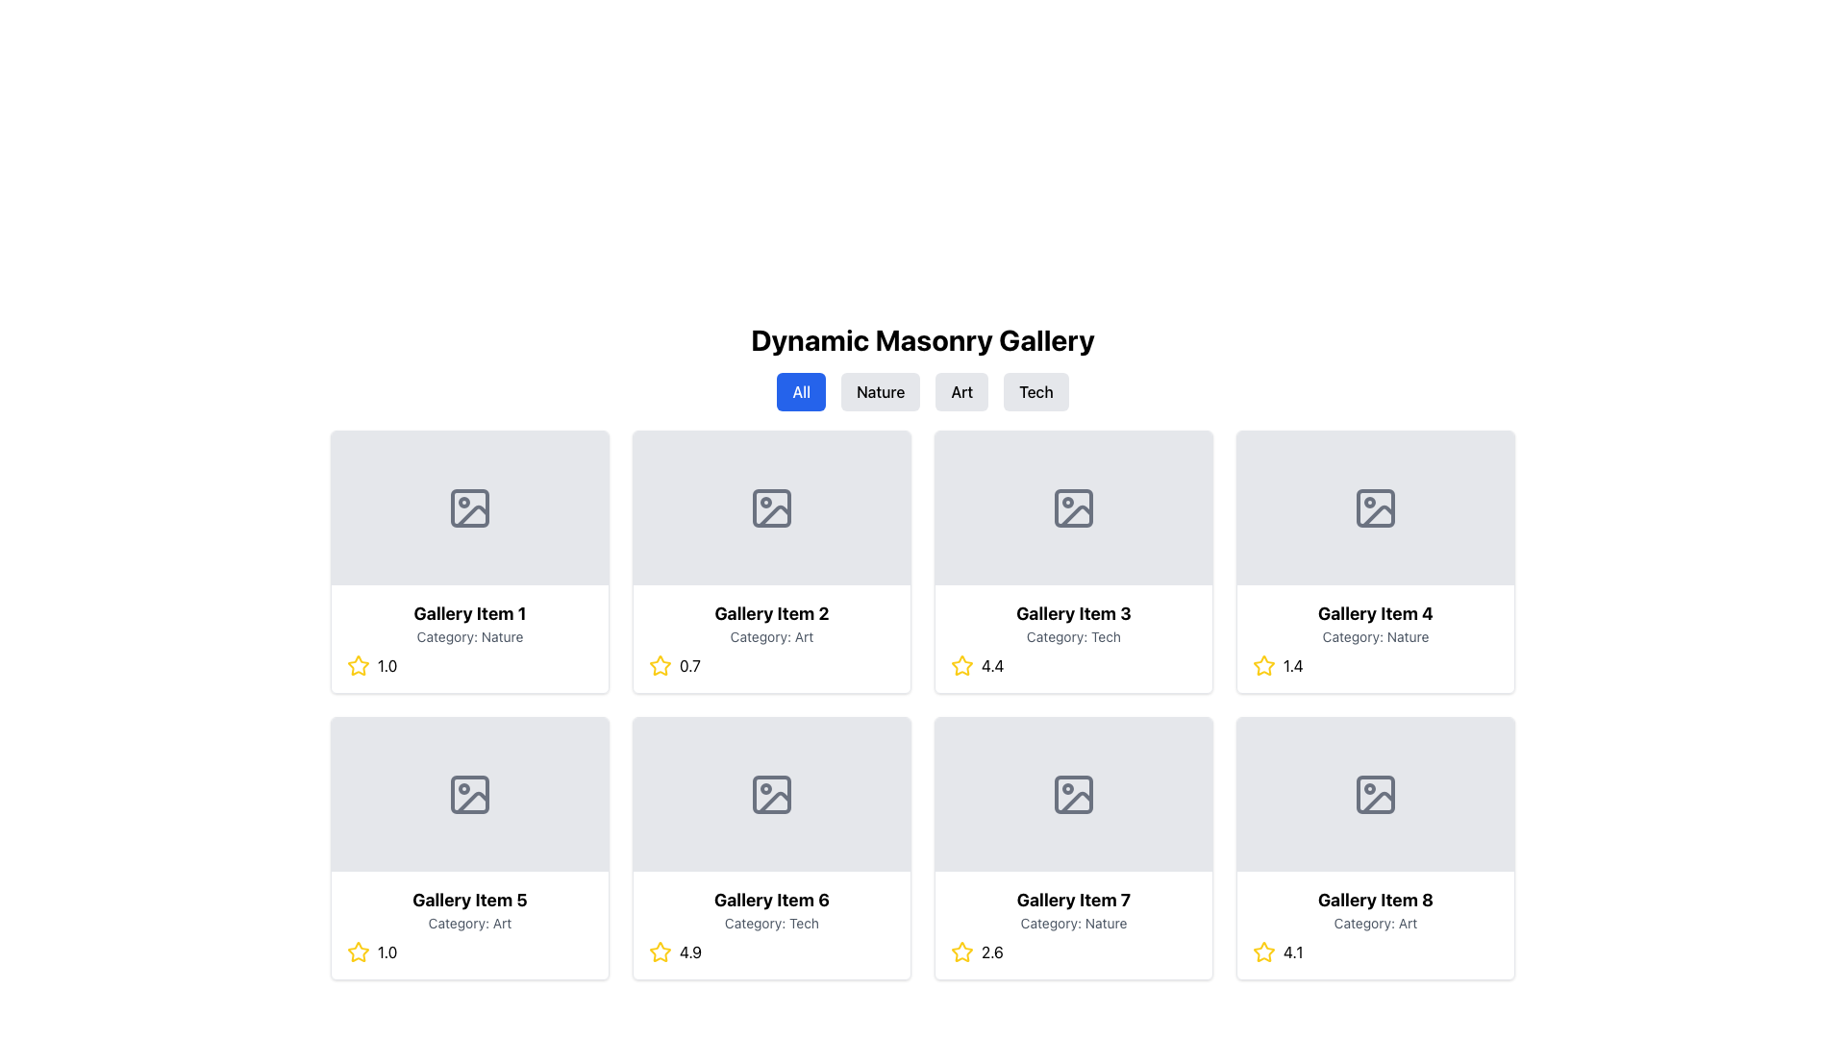 The width and height of the screenshot is (1846, 1038). What do you see at coordinates (1075, 802) in the screenshot?
I see `the decorative graphical detail located in the lower right portion of the image icon on the card labeled 'Gallery Item 7'` at bounding box center [1075, 802].